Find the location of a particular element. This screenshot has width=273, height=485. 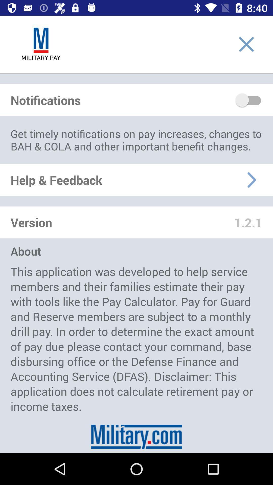

logon is located at coordinates (41, 44).